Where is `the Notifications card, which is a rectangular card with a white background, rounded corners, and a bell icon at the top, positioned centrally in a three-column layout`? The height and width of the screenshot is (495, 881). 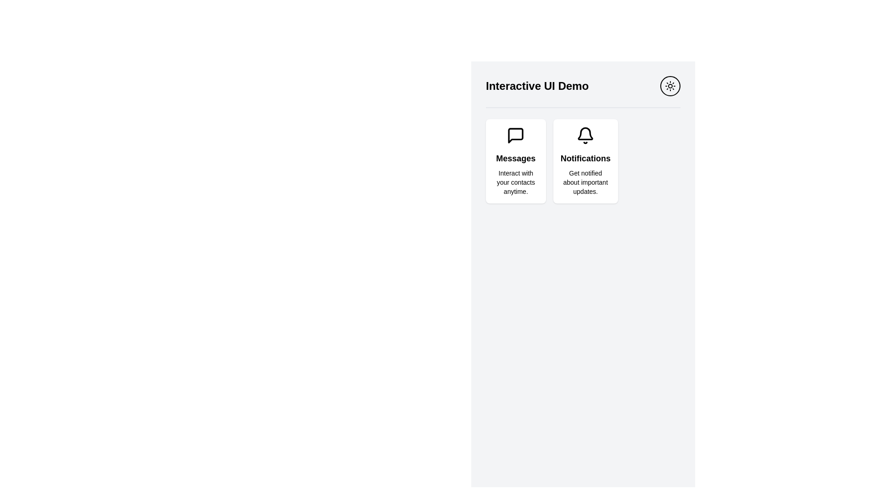
the Notifications card, which is a rectangular card with a white background, rounded corners, and a bell icon at the top, positioned centrally in a three-column layout is located at coordinates (585, 160).